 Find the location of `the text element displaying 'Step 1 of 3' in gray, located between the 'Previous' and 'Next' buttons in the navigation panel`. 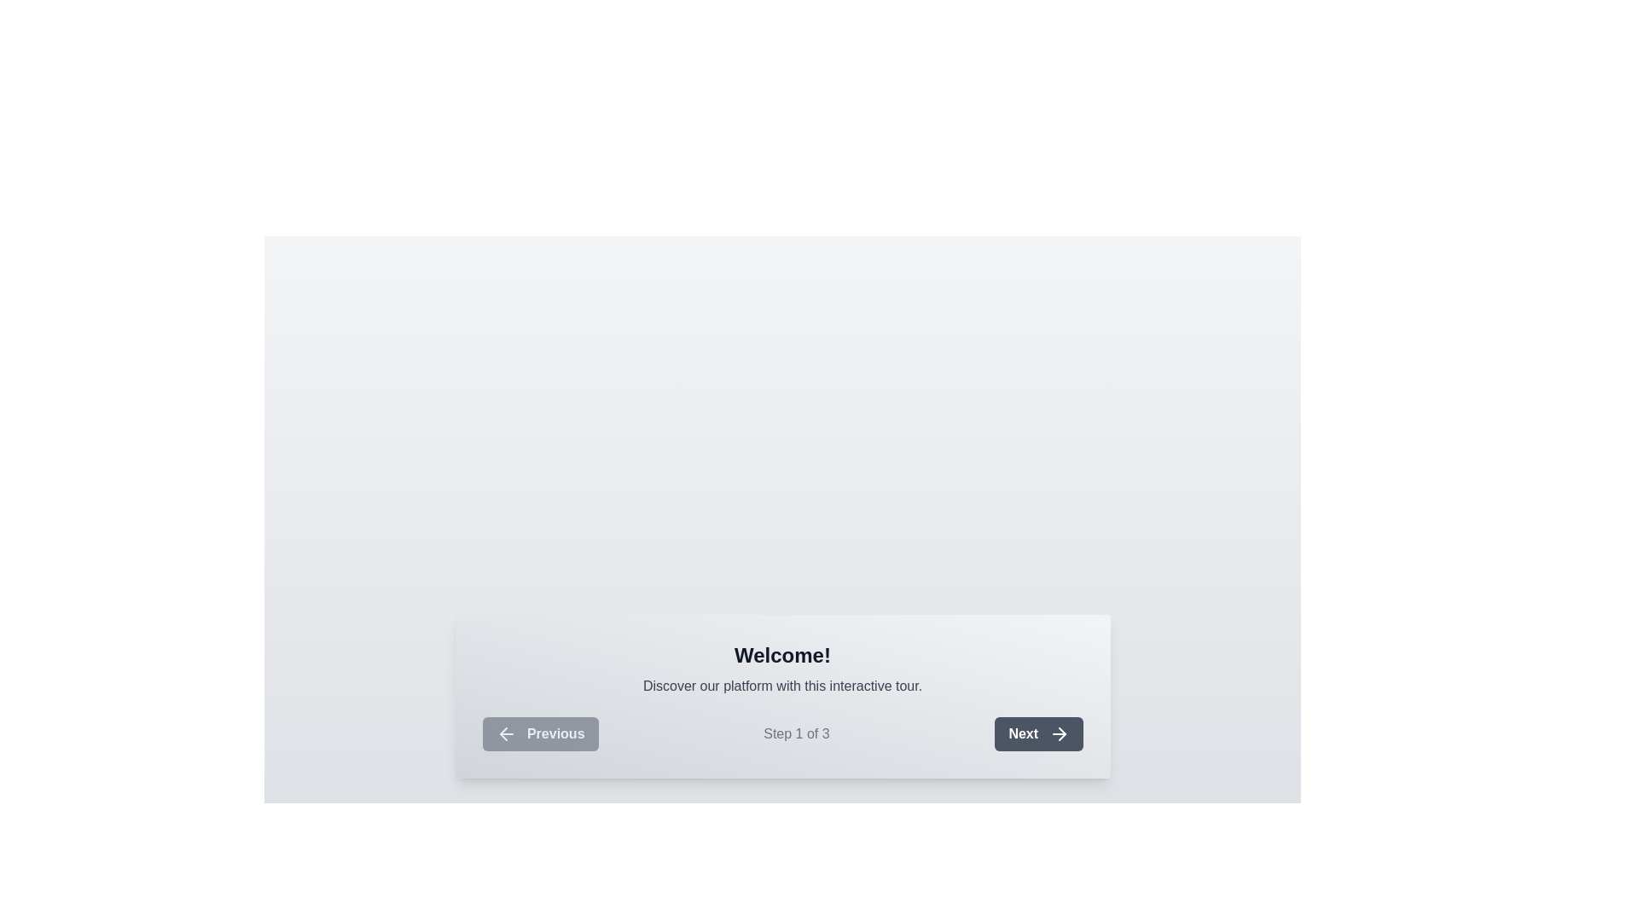

the text element displaying 'Step 1 of 3' in gray, located between the 'Previous' and 'Next' buttons in the navigation panel is located at coordinates (795, 733).